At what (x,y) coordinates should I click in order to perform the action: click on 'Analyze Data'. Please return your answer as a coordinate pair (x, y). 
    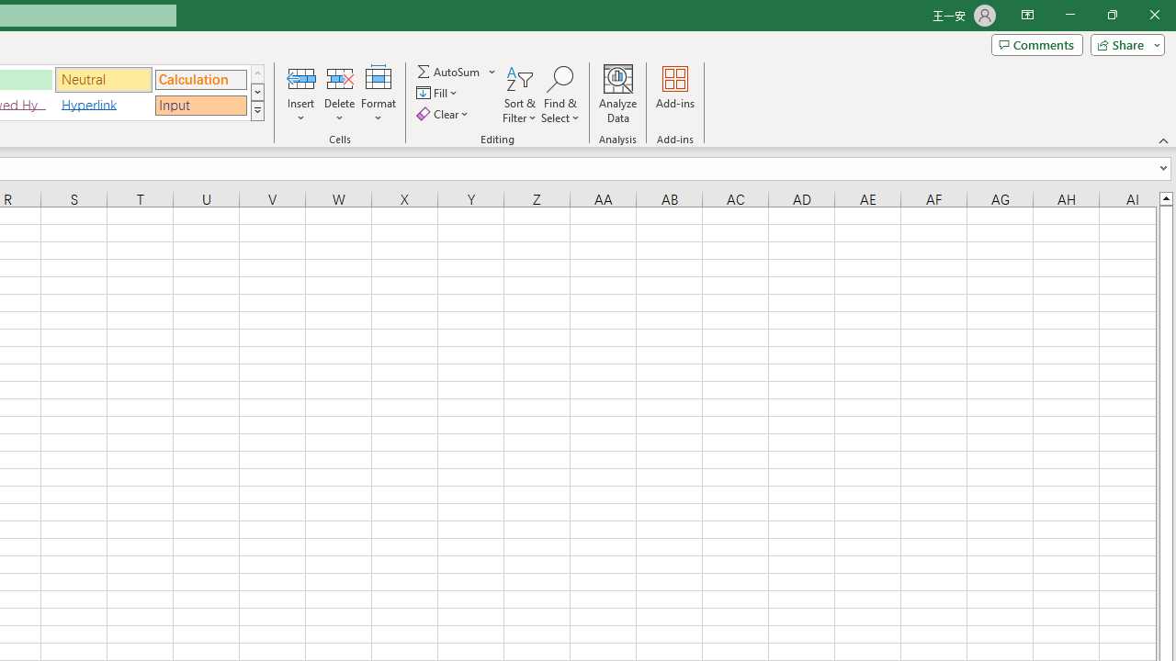
    Looking at the image, I should click on (618, 95).